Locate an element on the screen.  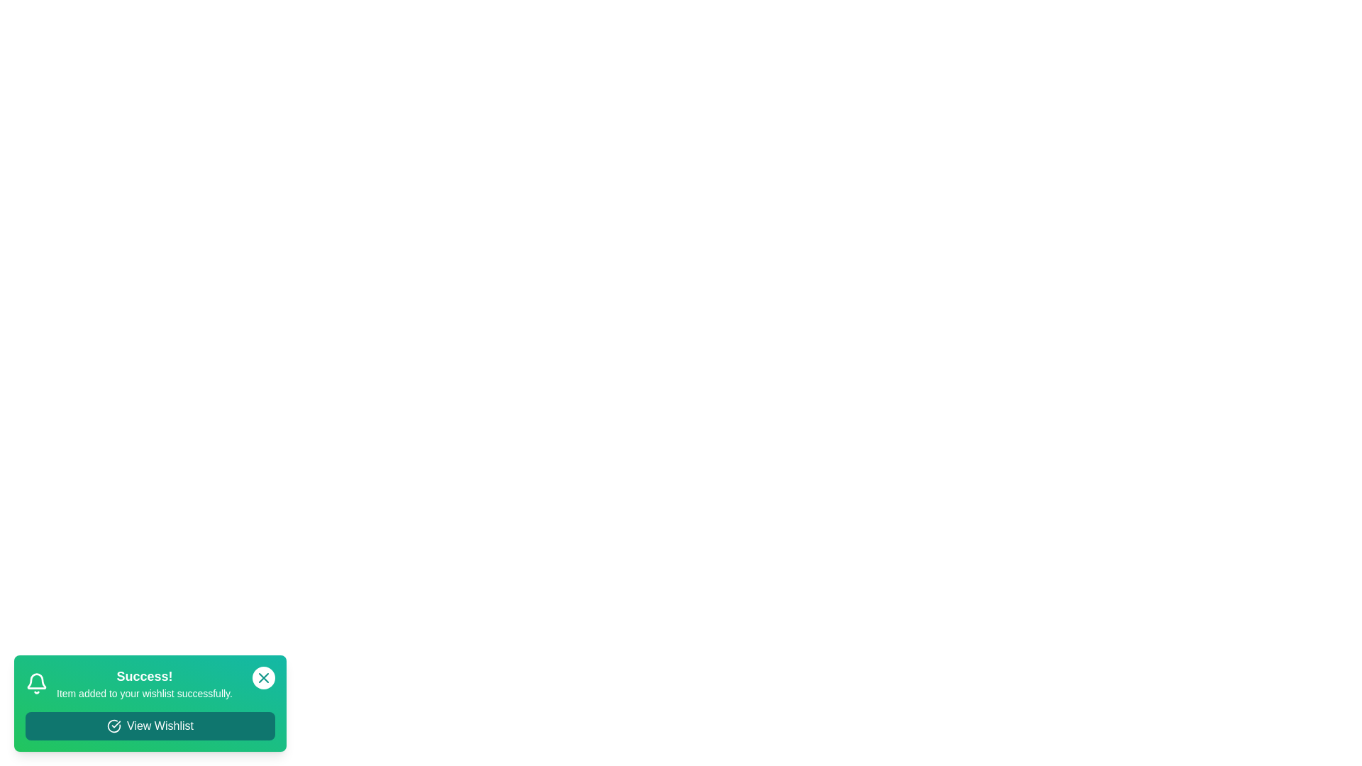
the close button of the notification banner to close it is located at coordinates (264, 677).